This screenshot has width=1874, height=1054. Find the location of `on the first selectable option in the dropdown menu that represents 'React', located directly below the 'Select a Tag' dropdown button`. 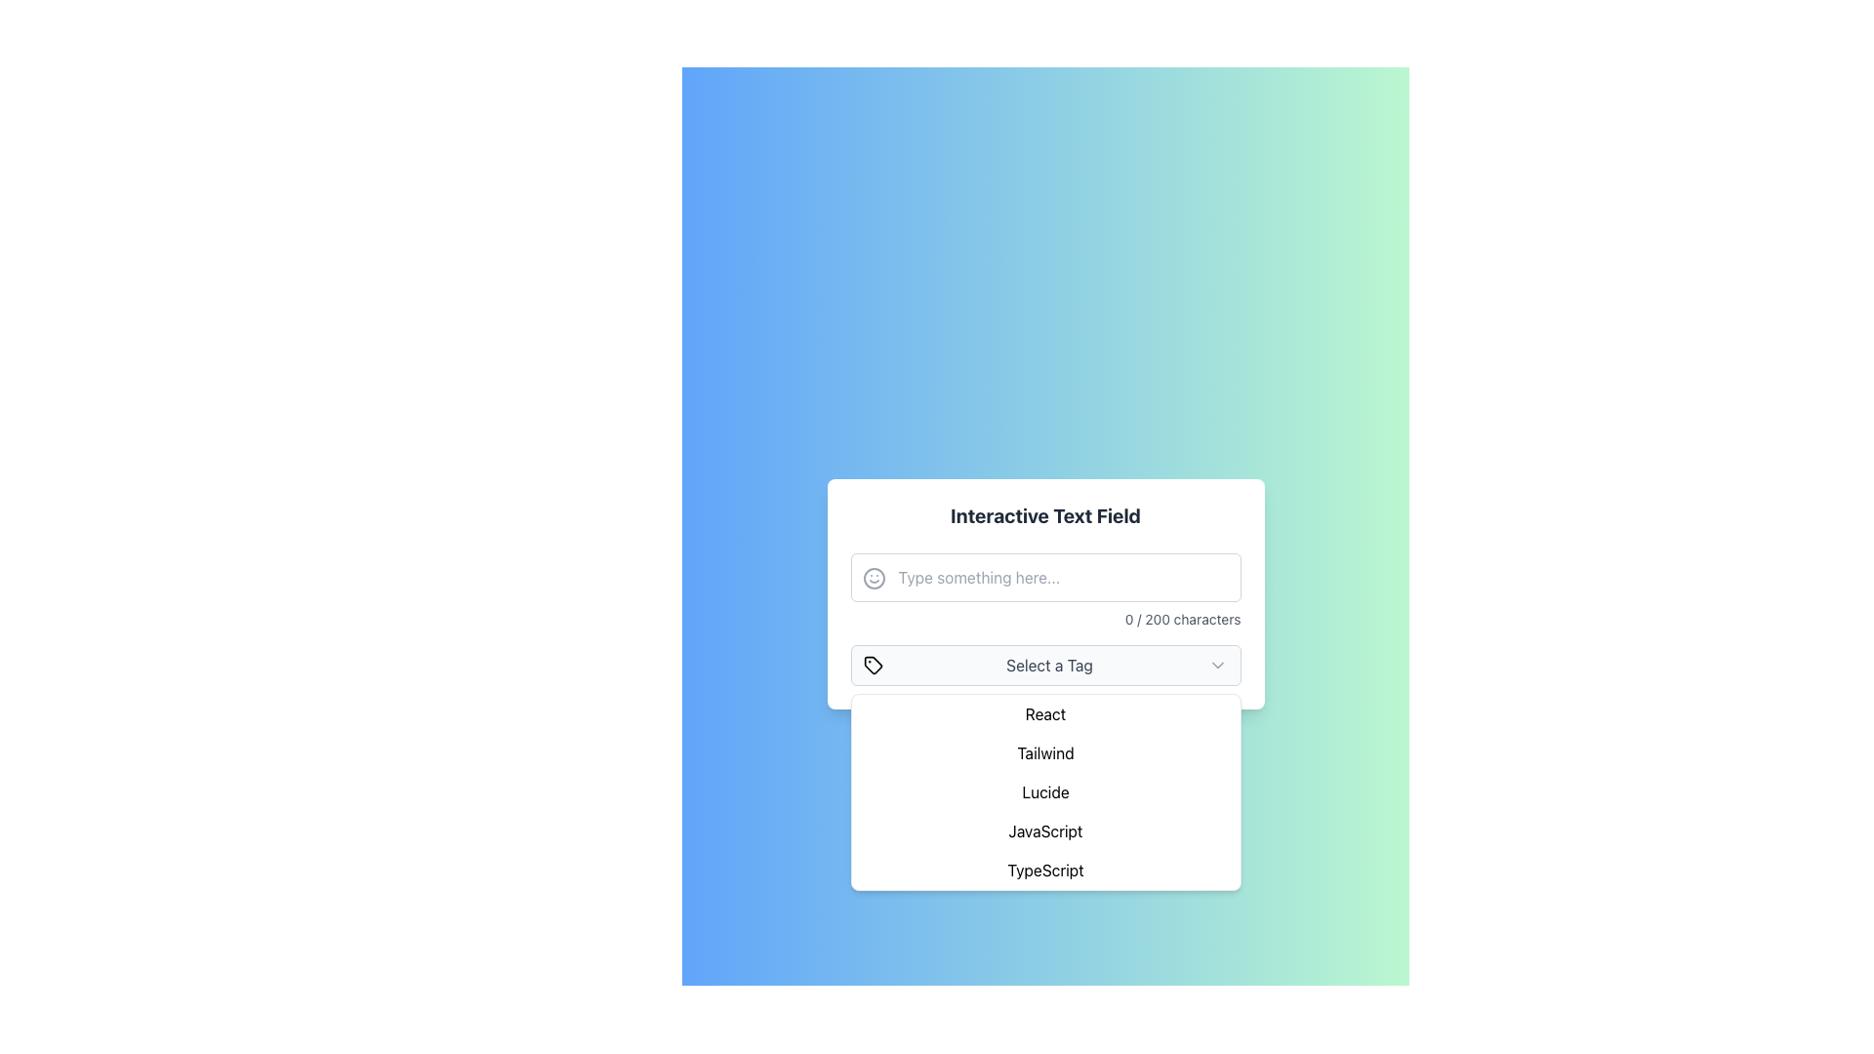

on the first selectable option in the dropdown menu that represents 'React', located directly below the 'Select a Tag' dropdown button is located at coordinates (1044, 714).